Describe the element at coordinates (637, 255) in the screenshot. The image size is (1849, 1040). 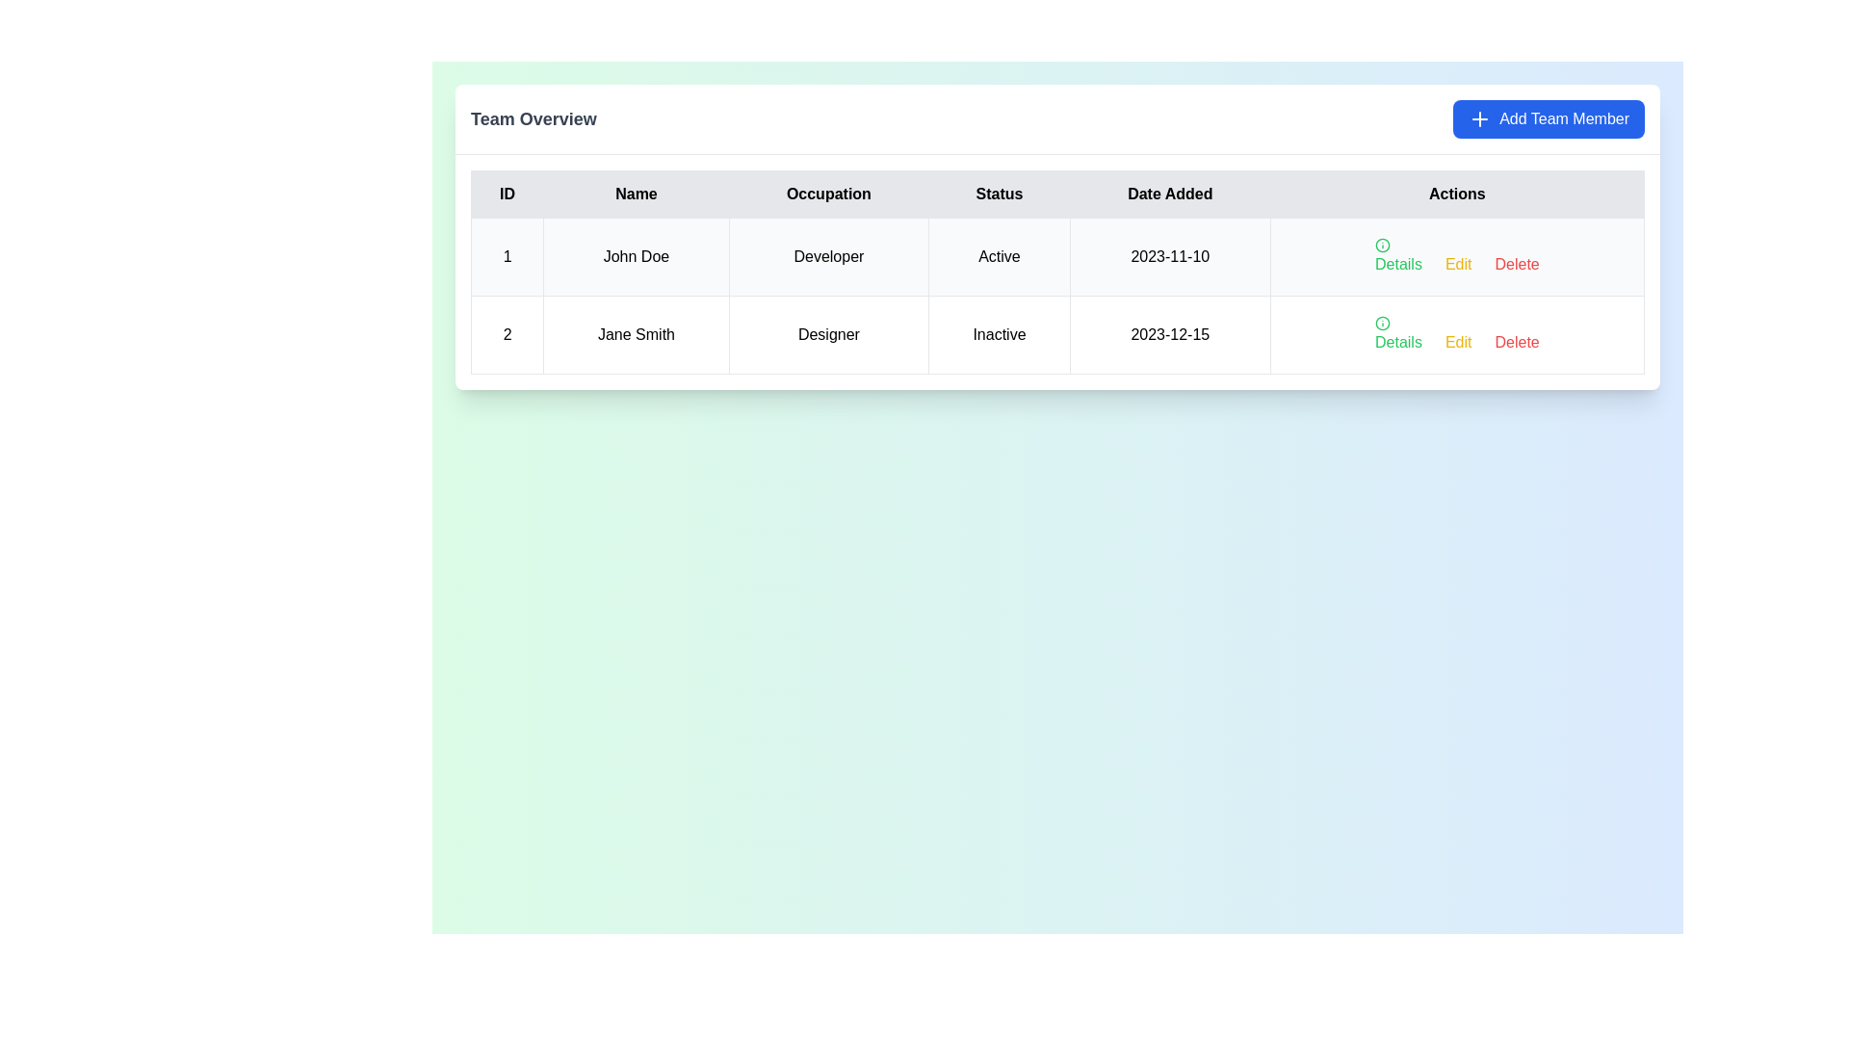
I see `the text label representing the name of an individual in the team members table, located in the 'Name' column` at that location.